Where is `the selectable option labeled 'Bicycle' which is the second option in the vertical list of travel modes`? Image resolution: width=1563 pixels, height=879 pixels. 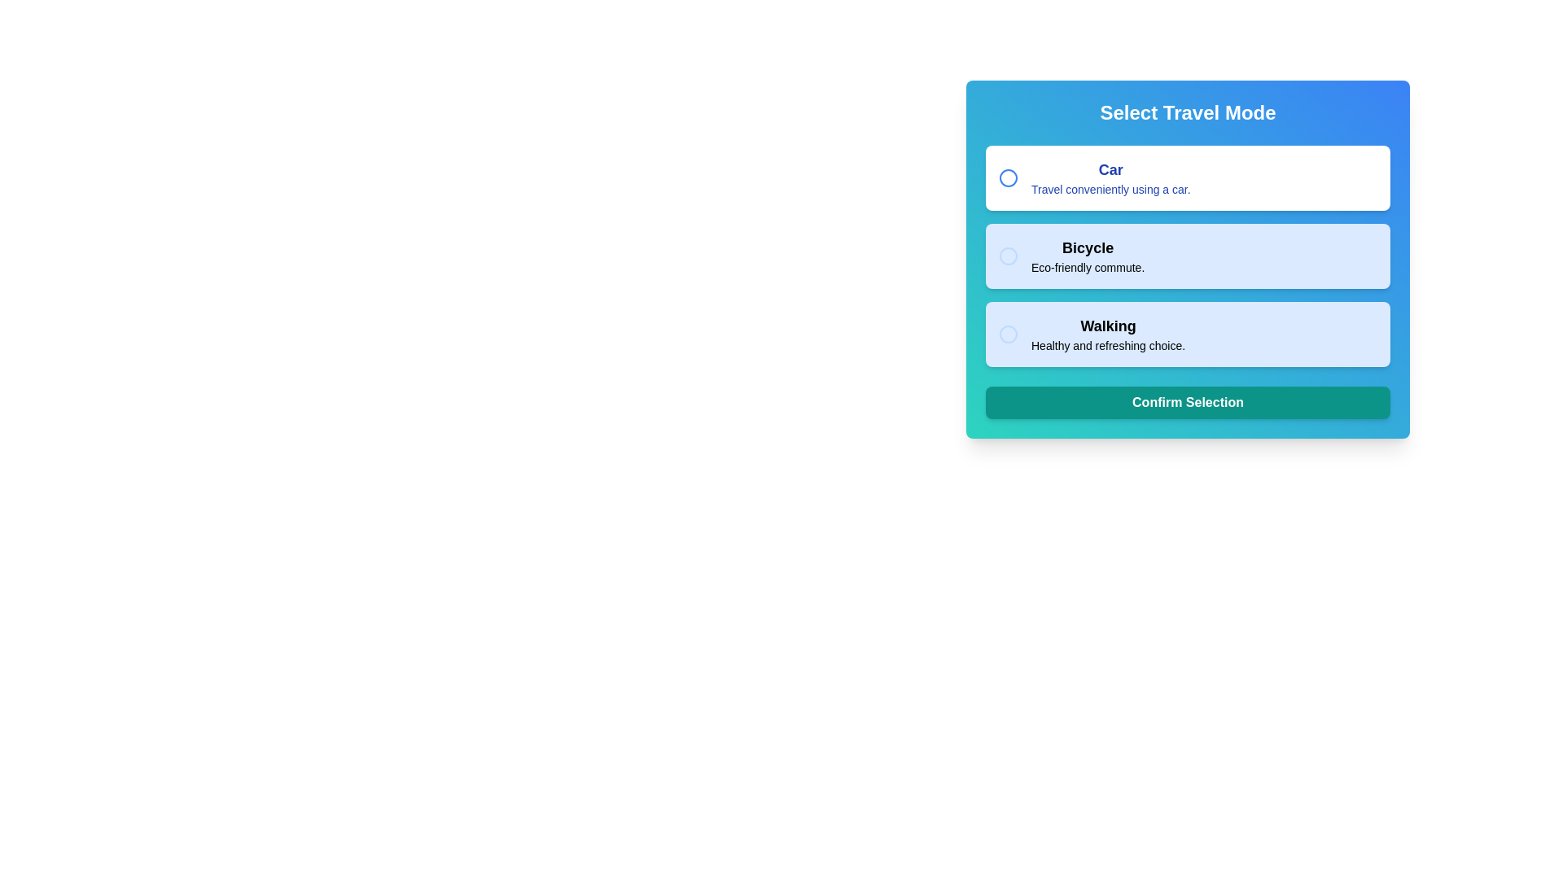 the selectable option labeled 'Bicycle' which is the second option in the vertical list of travel modes is located at coordinates (1188, 256).